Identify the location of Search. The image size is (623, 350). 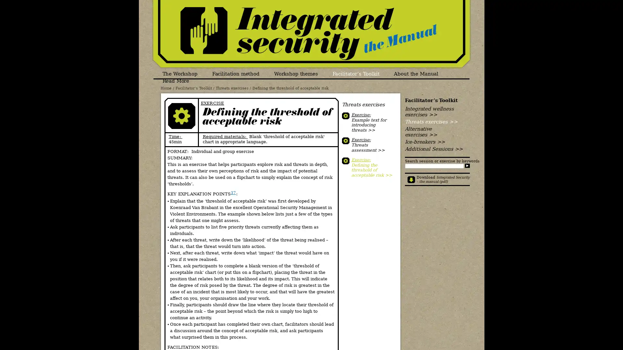
(467, 165).